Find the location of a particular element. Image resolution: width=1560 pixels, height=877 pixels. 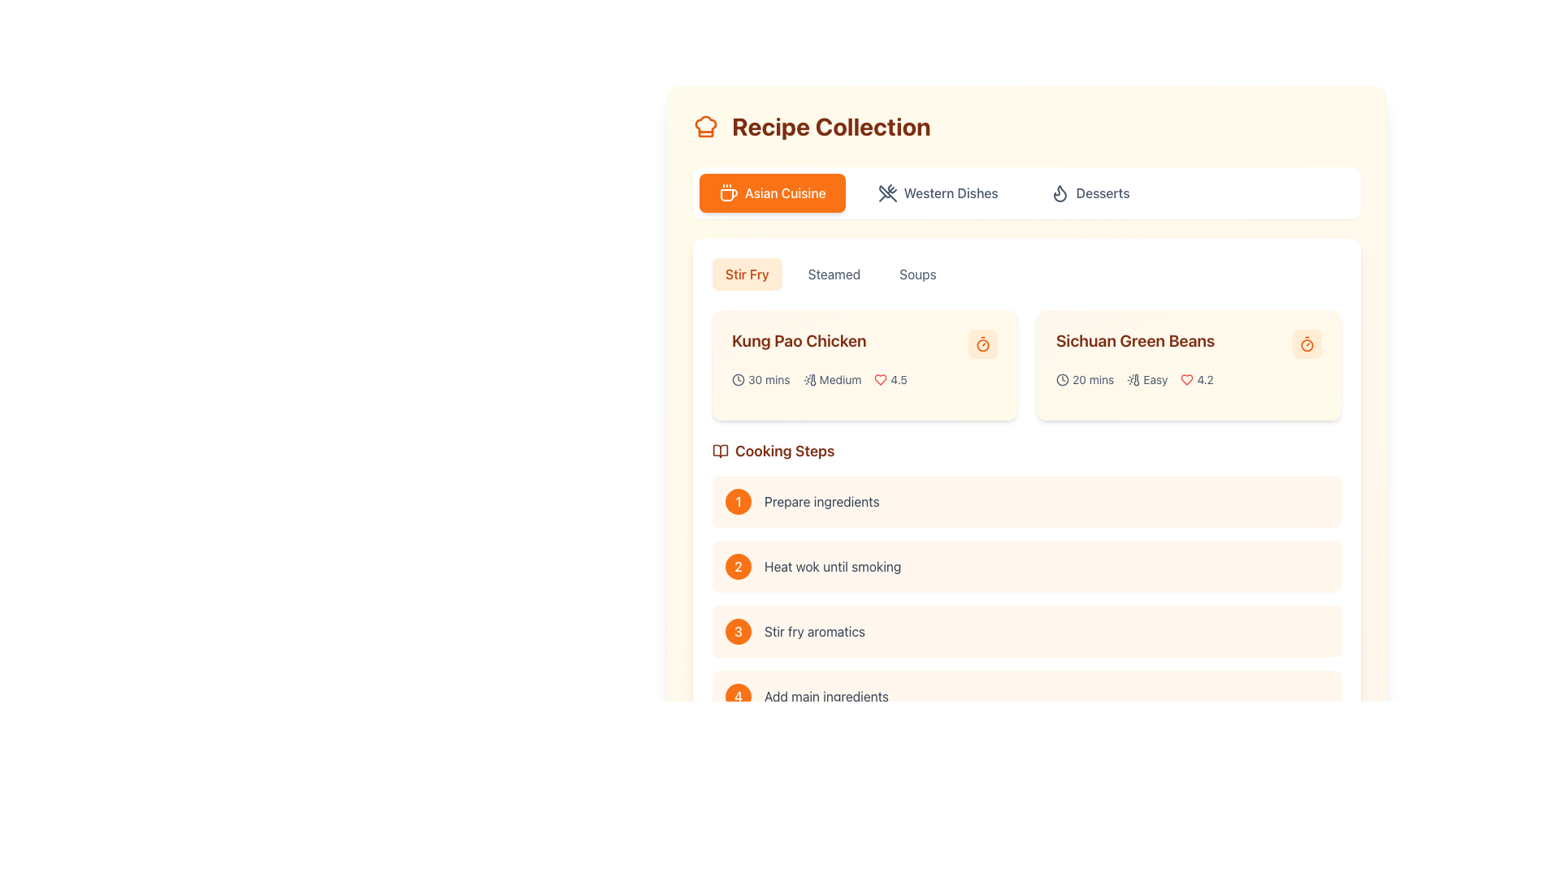

the circular Step indicator badge with a bright orange background and white text '2' to interact is located at coordinates (737, 566).